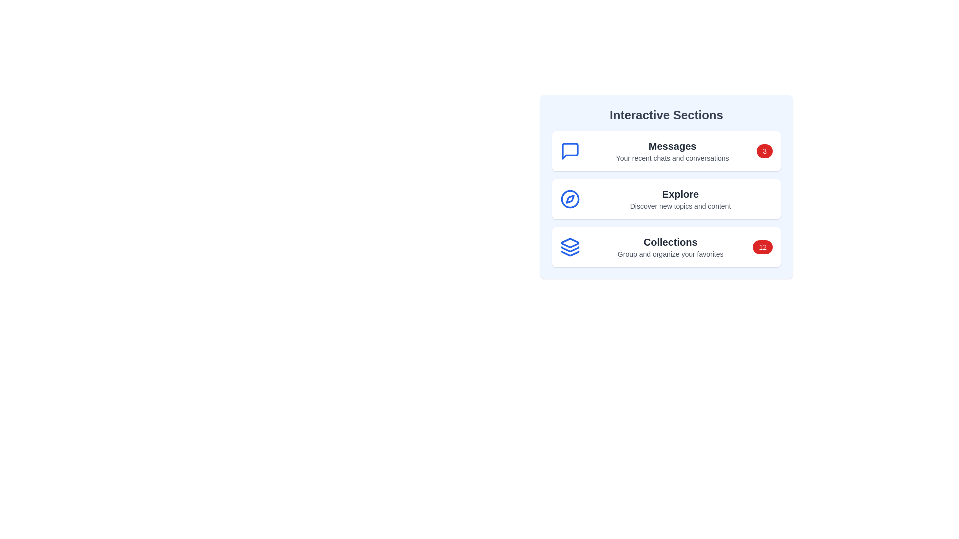  Describe the element at coordinates (666, 151) in the screenshot. I see `the section titled Messages` at that location.